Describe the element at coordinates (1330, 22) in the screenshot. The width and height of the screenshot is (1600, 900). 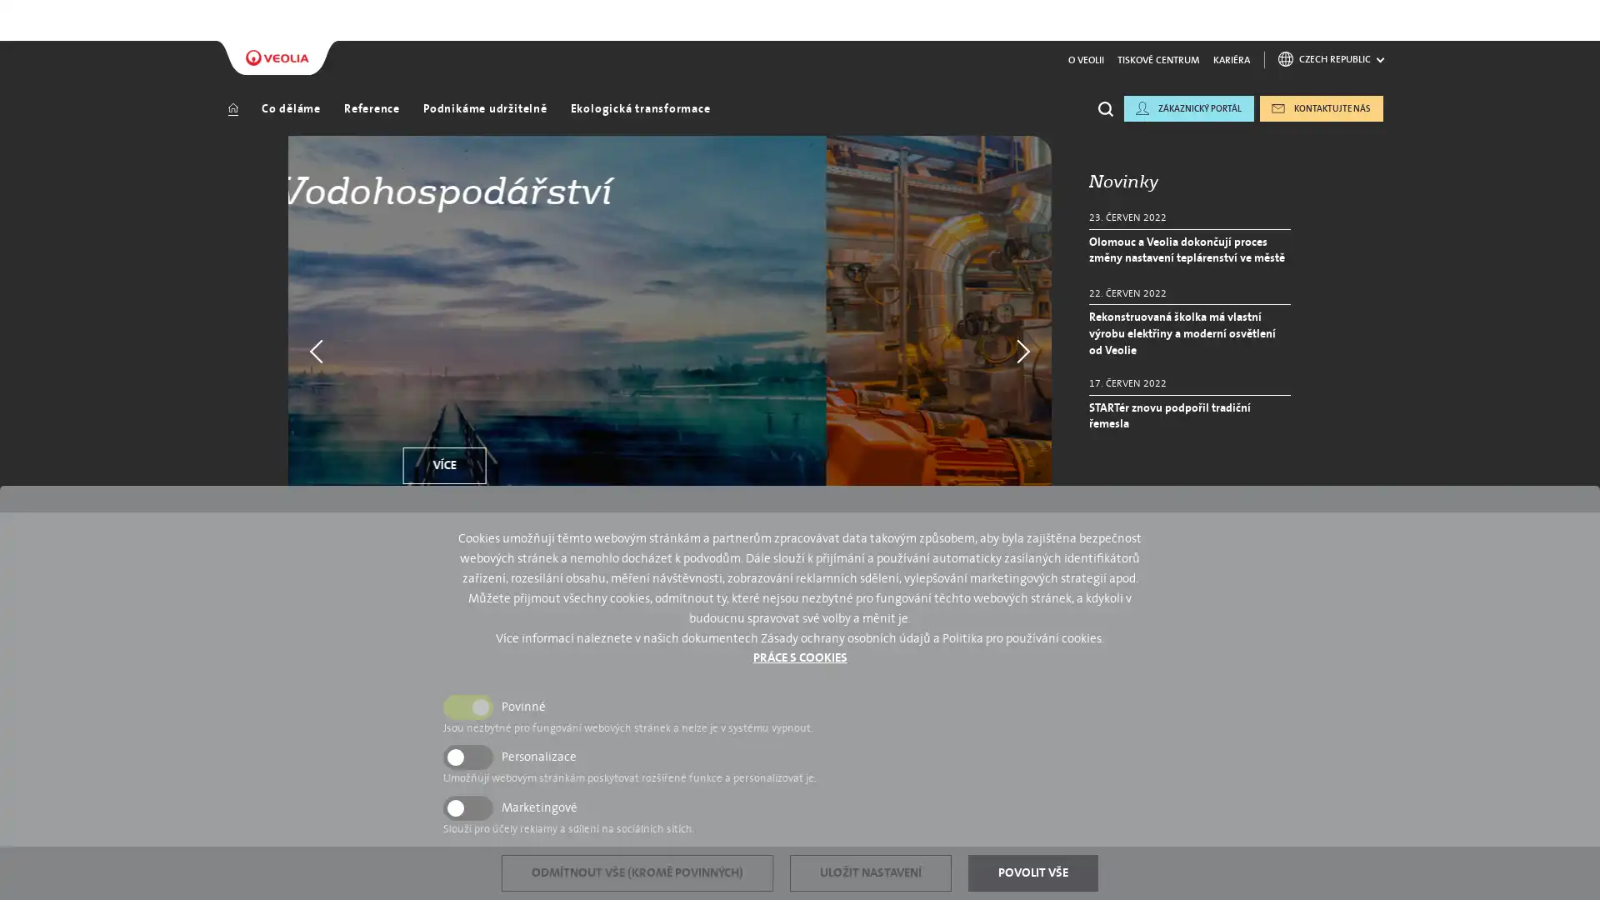
I see `CZECH REPUBLIC` at that location.